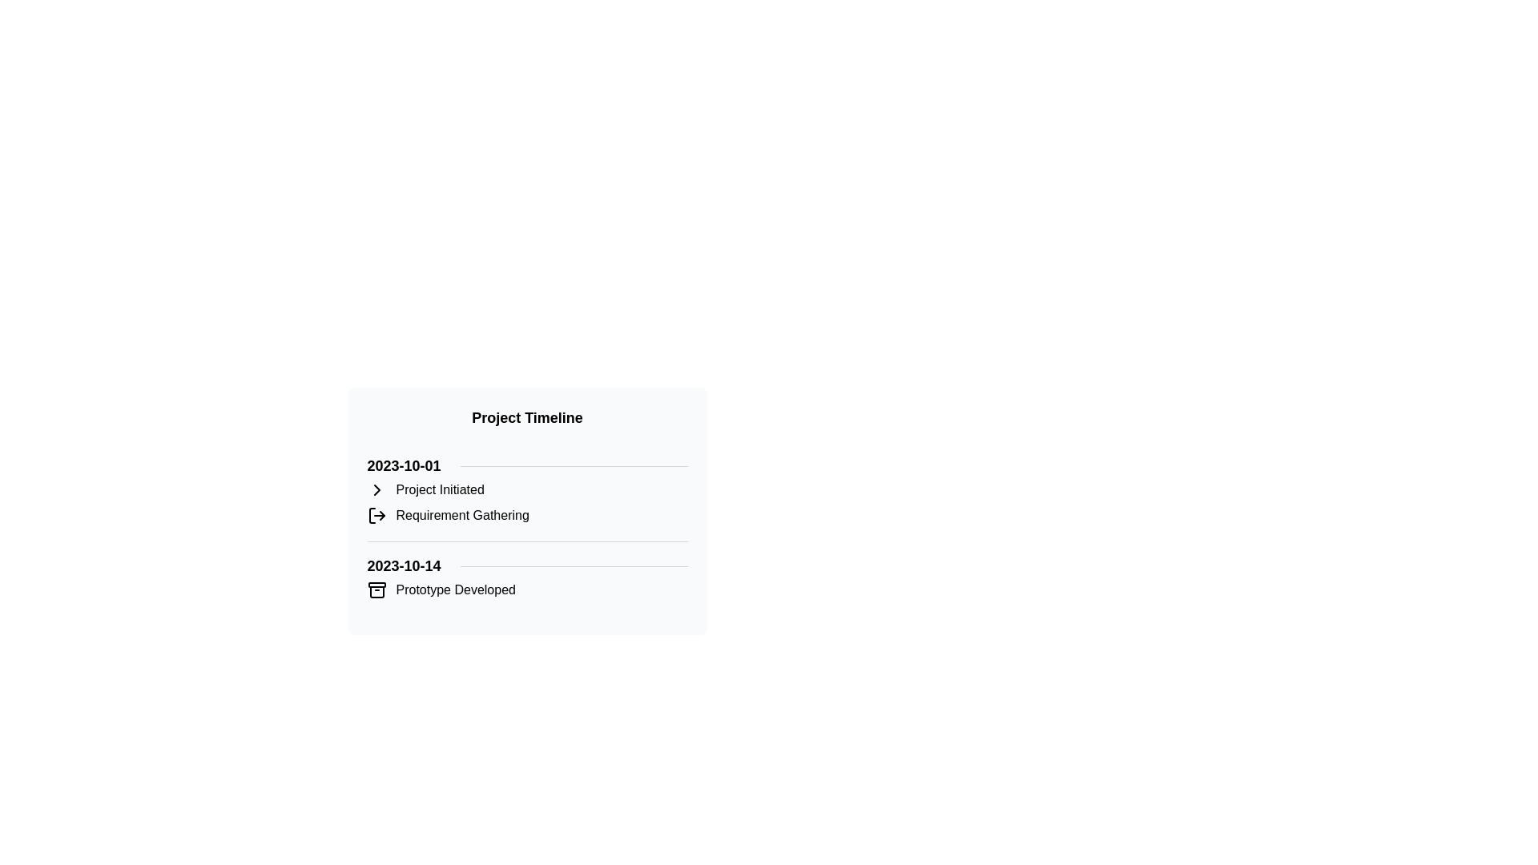 The height and width of the screenshot is (865, 1538). Describe the element at coordinates (455, 589) in the screenshot. I see `the static text label displaying 'Prototype Developed' in the timeline interface, which indicates an event or milestone` at that location.